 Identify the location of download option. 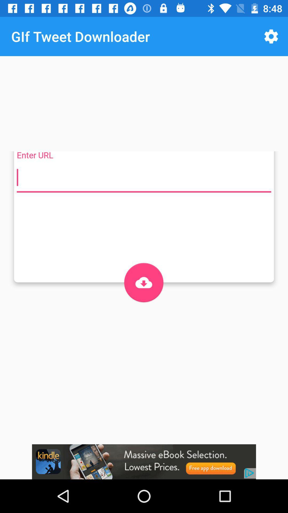
(143, 282).